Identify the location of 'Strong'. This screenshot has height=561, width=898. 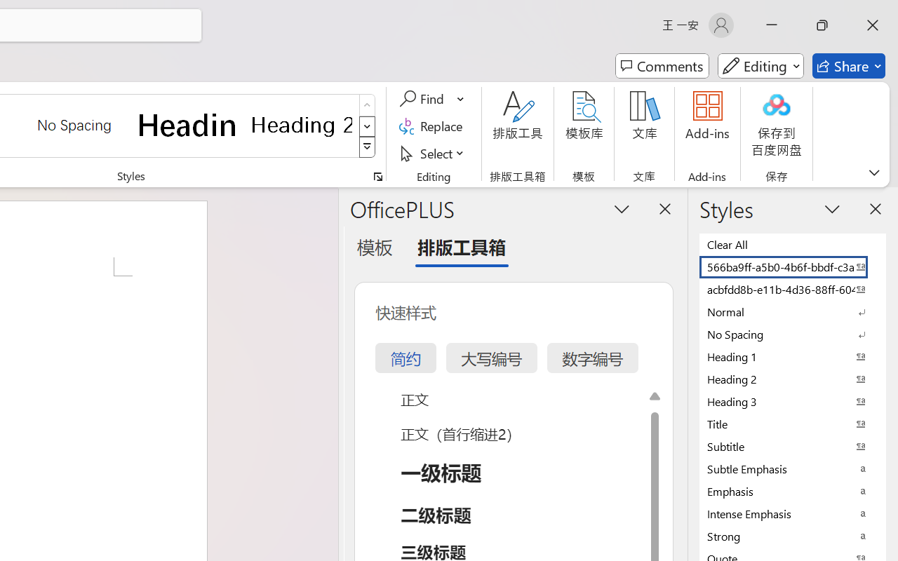
(793, 536).